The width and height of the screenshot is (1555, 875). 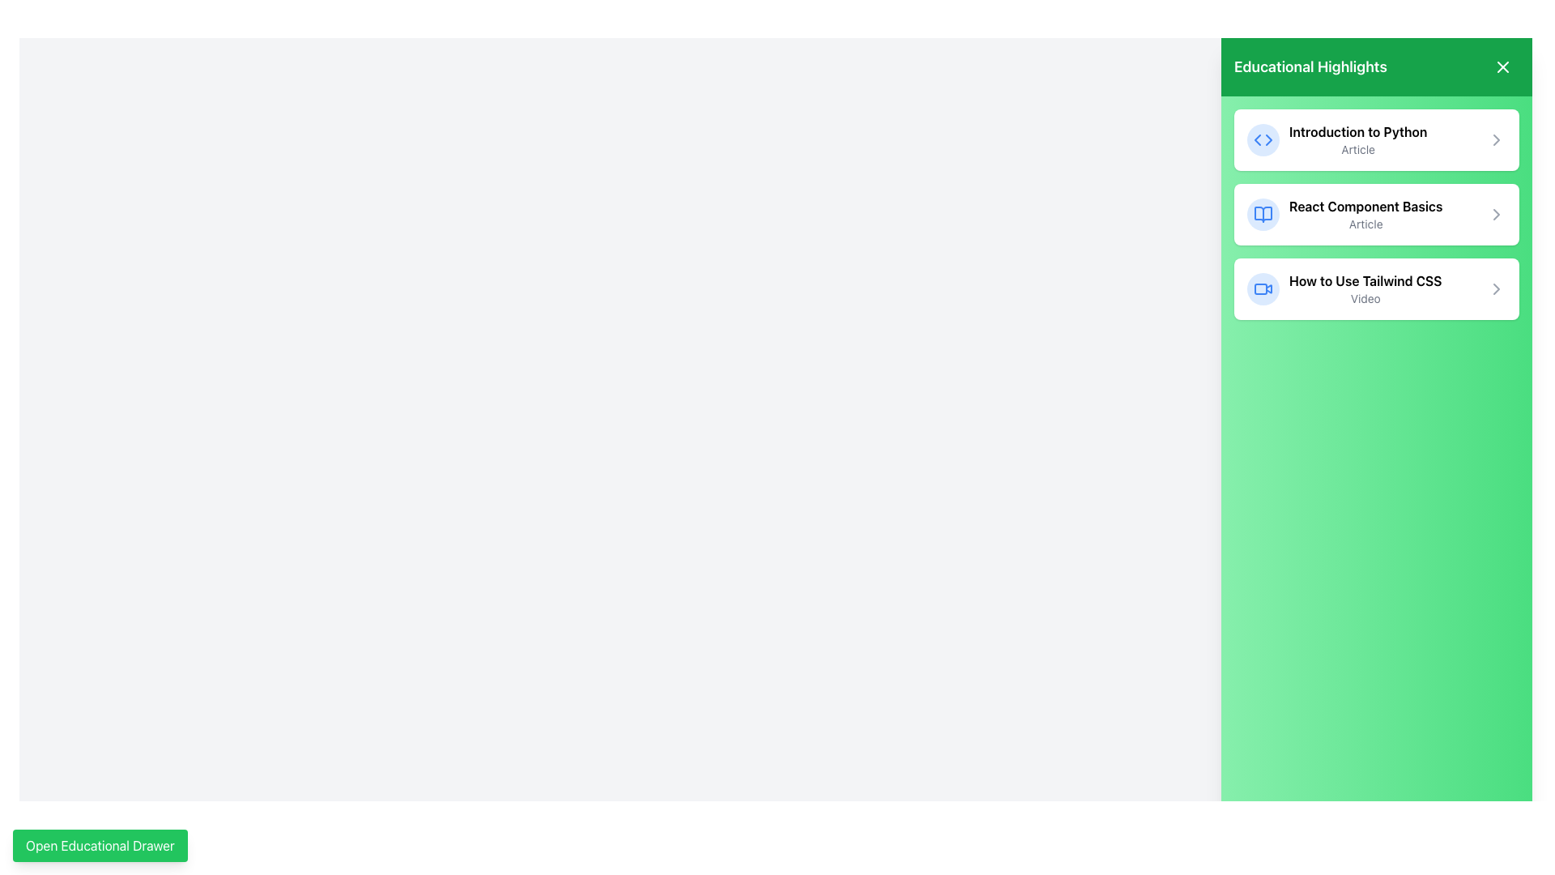 What do you see at coordinates (1365, 280) in the screenshot?
I see `the text label that serves as the title for the educational content card located in the green sidebar labeled 'Educational Highlights', specifically the third item in the list` at bounding box center [1365, 280].